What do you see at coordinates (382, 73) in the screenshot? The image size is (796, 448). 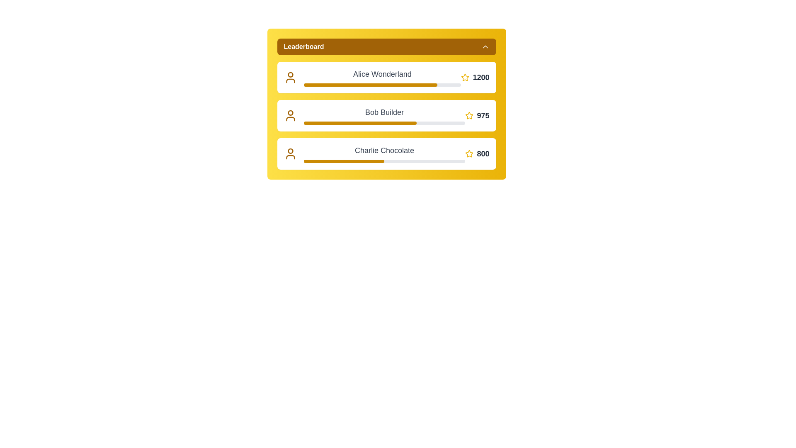 I see `text label displaying the name of the user or participant in the leaderboard interface, located in the first row, between the user avatar icon and the score and star icon` at bounding box center [382, 73].